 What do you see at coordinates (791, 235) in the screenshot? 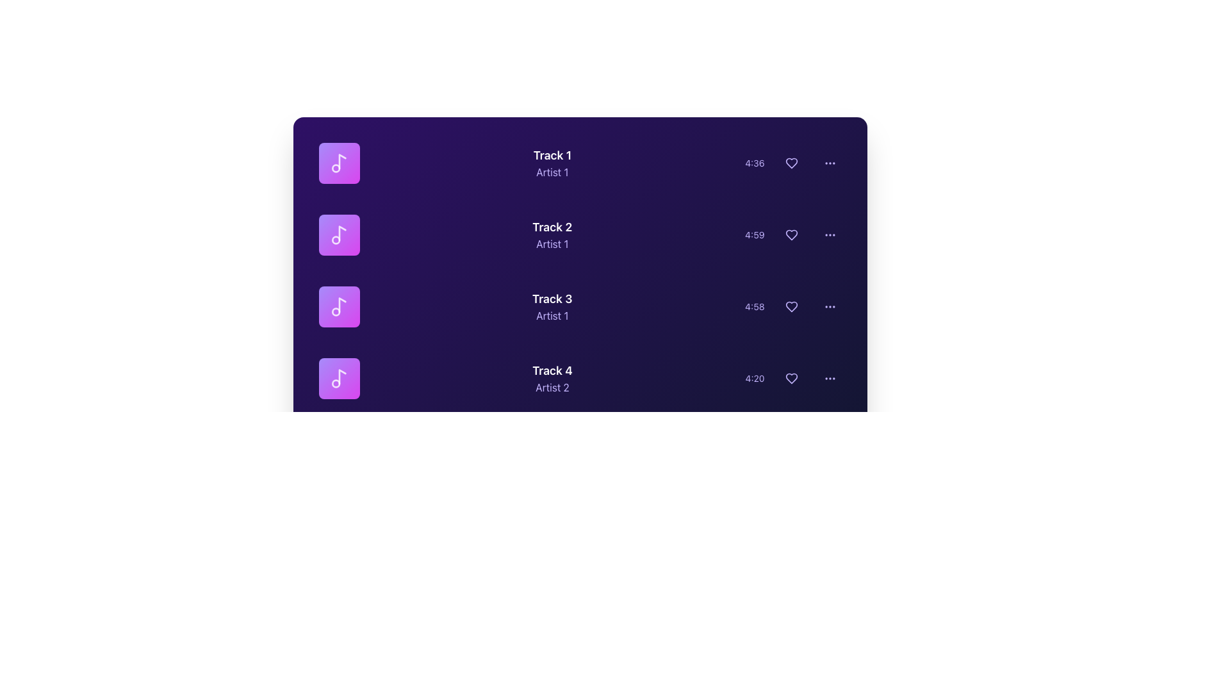
I see `the heart-shaped interactive icon with a purple hue, located to the right of a timestamp text ('4:59')` at bounding box center [791, 235].